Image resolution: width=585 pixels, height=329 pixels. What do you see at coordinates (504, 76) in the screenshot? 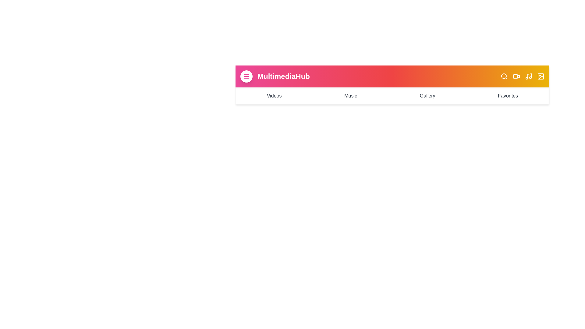
I see `the search icon to perform the corresponding action` at bounding box center [504, 76].